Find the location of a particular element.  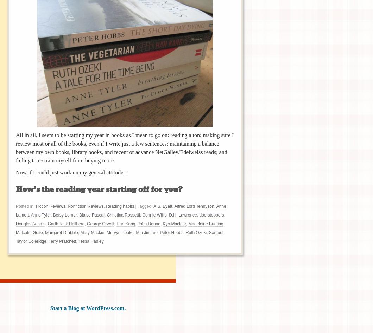

'Now if I could just work on my general attitude…' is located at coordinates (72, 172).